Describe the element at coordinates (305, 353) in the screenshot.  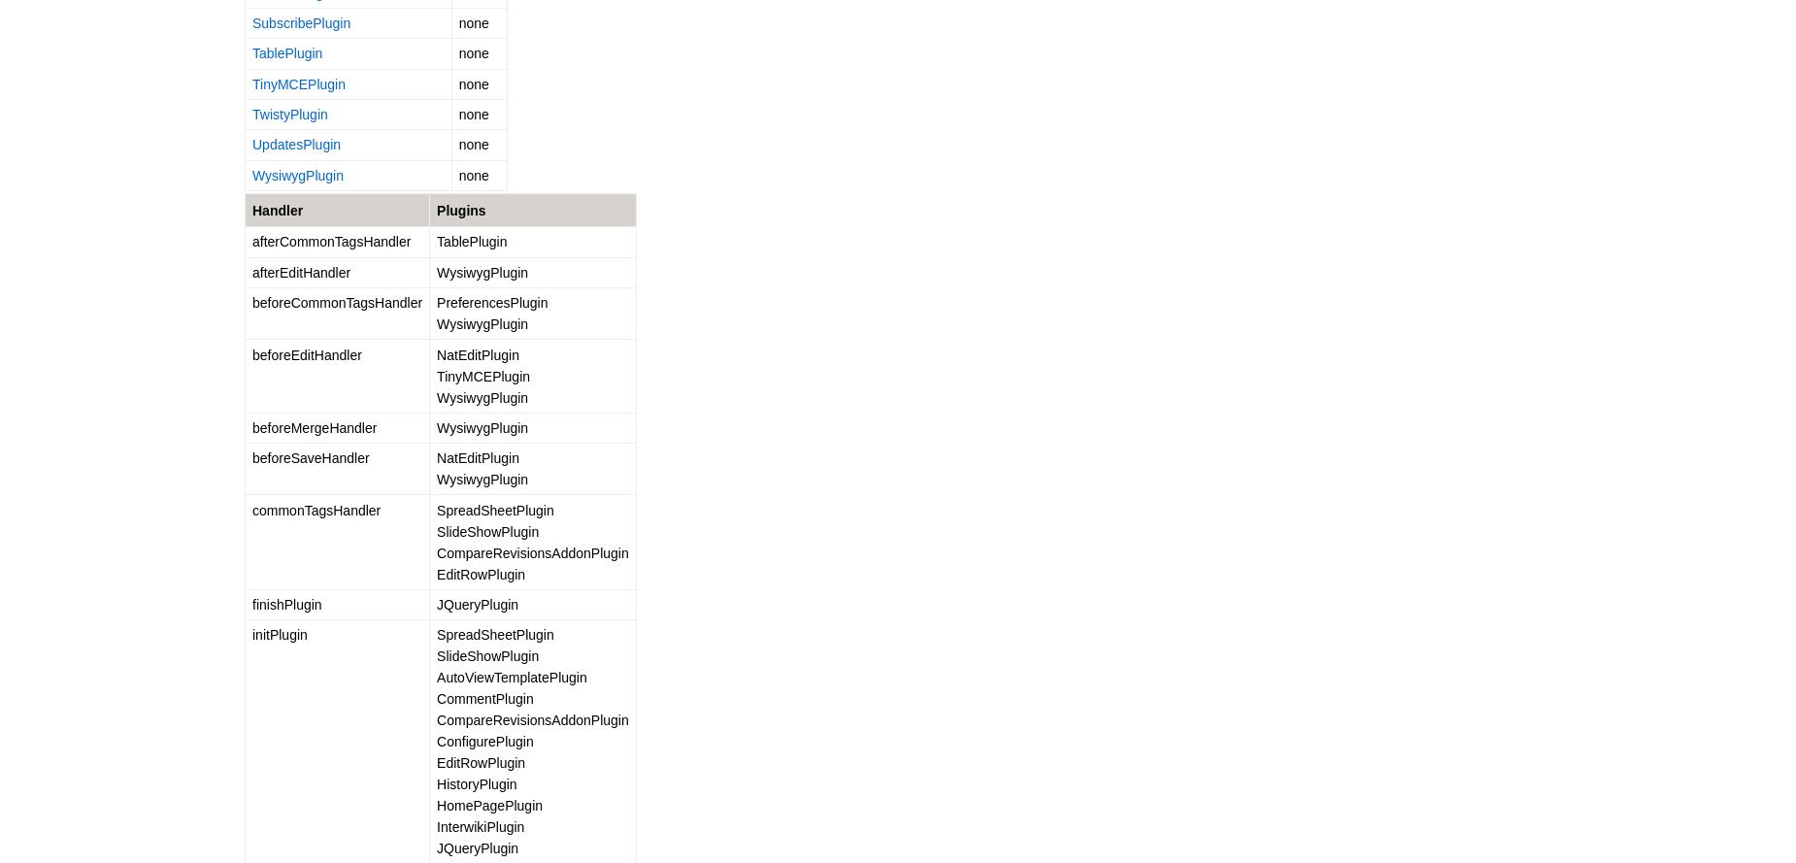
I see `'beforeEditHandler'` at that location.